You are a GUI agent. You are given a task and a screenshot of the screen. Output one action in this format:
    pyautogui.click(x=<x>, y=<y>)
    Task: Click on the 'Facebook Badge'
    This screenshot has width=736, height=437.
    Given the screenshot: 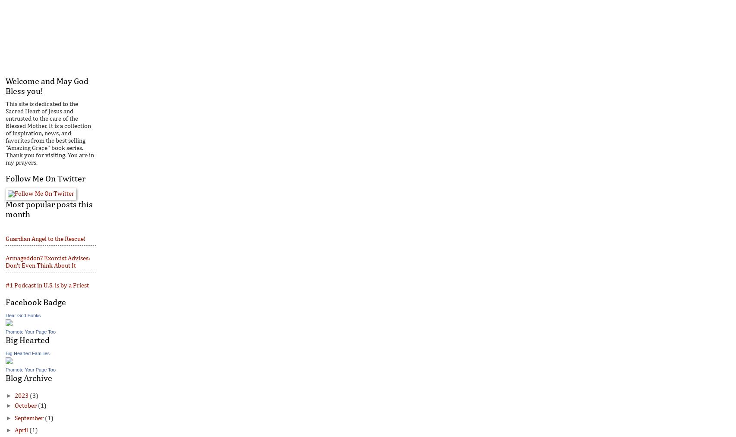 What is the action you would take?
    pyautogui.click(x=36, y=302)
    